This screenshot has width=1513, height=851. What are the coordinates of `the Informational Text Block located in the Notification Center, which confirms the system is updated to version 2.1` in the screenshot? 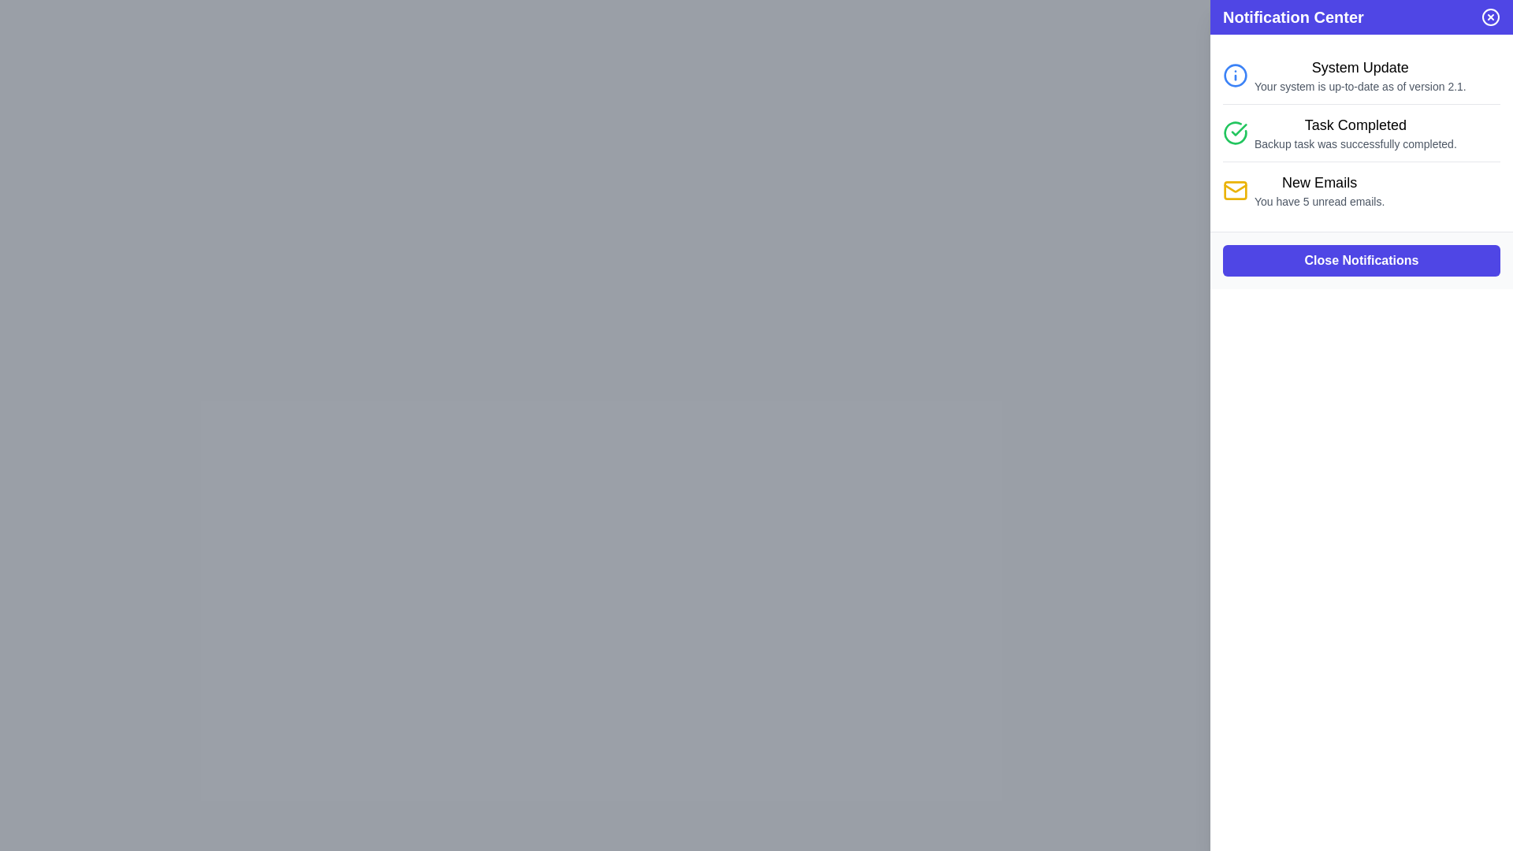 It's located at (1359, 76).